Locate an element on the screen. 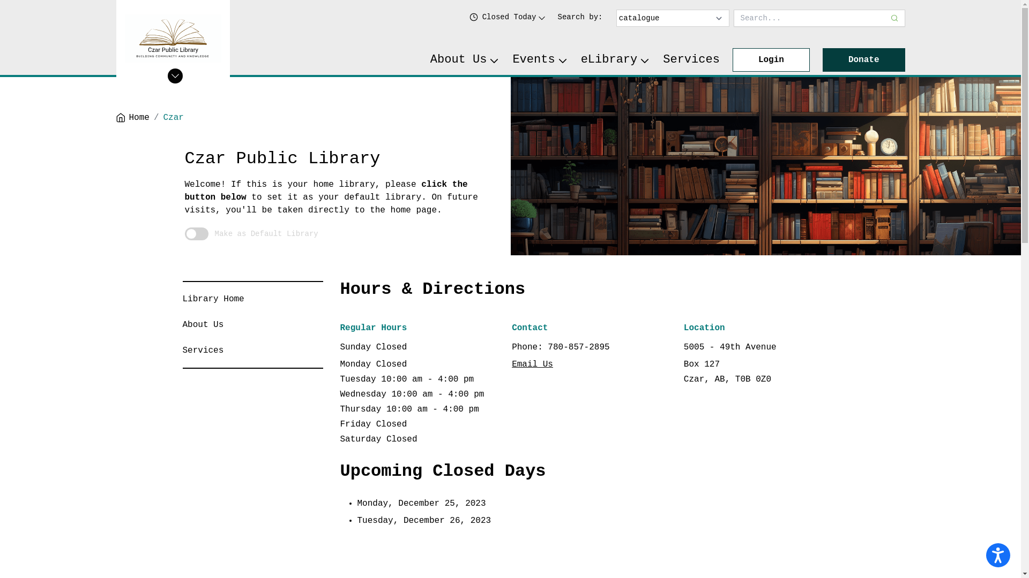  'Email Us' is located at coordinates (532, 364).